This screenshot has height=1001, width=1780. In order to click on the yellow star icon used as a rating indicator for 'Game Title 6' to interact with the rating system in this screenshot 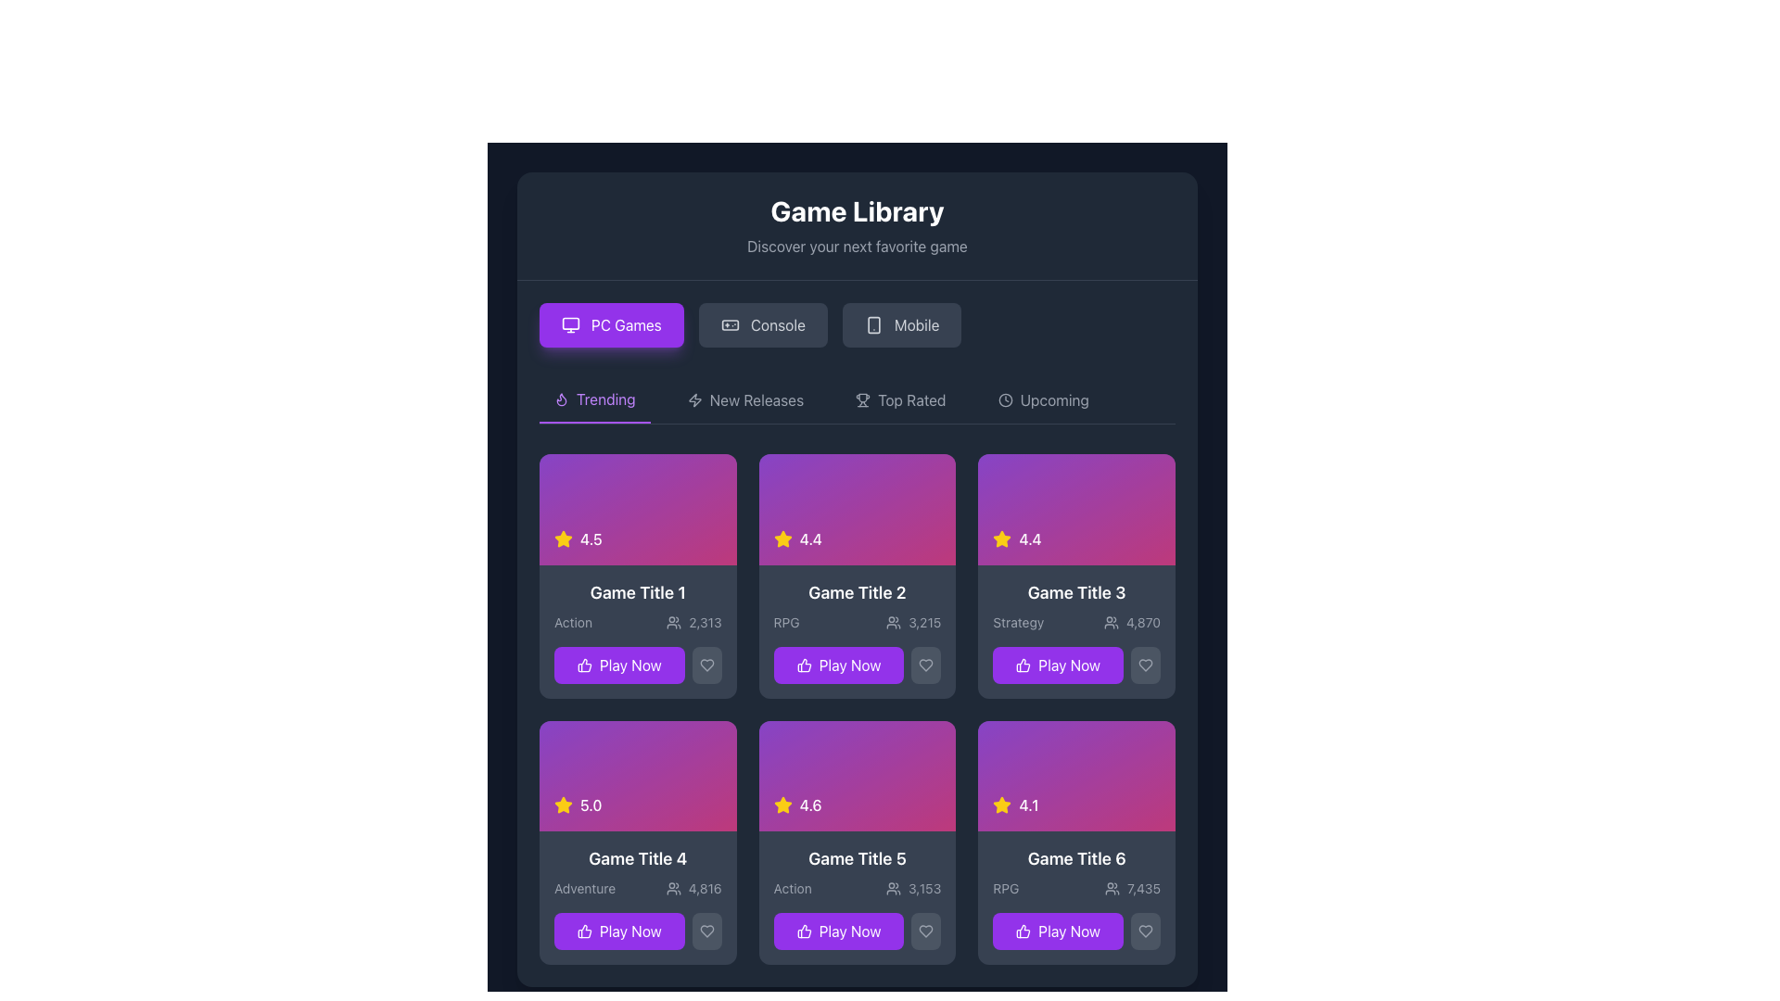, I will do `click(1000, 804)`.